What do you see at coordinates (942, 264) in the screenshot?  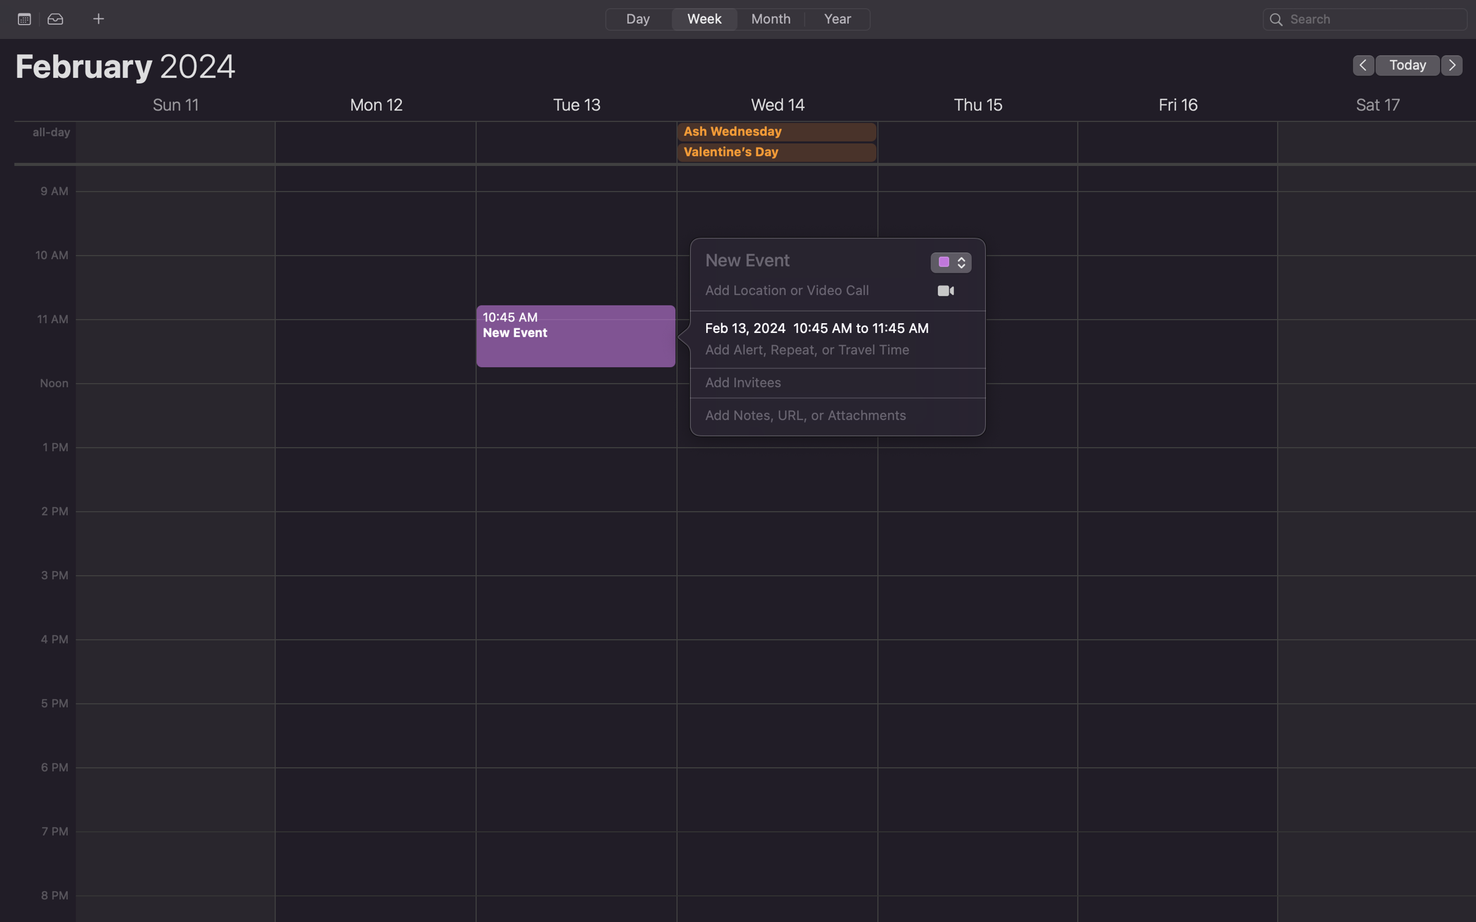 I see `Type "Workshop" within the session type field` at bounding box center [942, 264].